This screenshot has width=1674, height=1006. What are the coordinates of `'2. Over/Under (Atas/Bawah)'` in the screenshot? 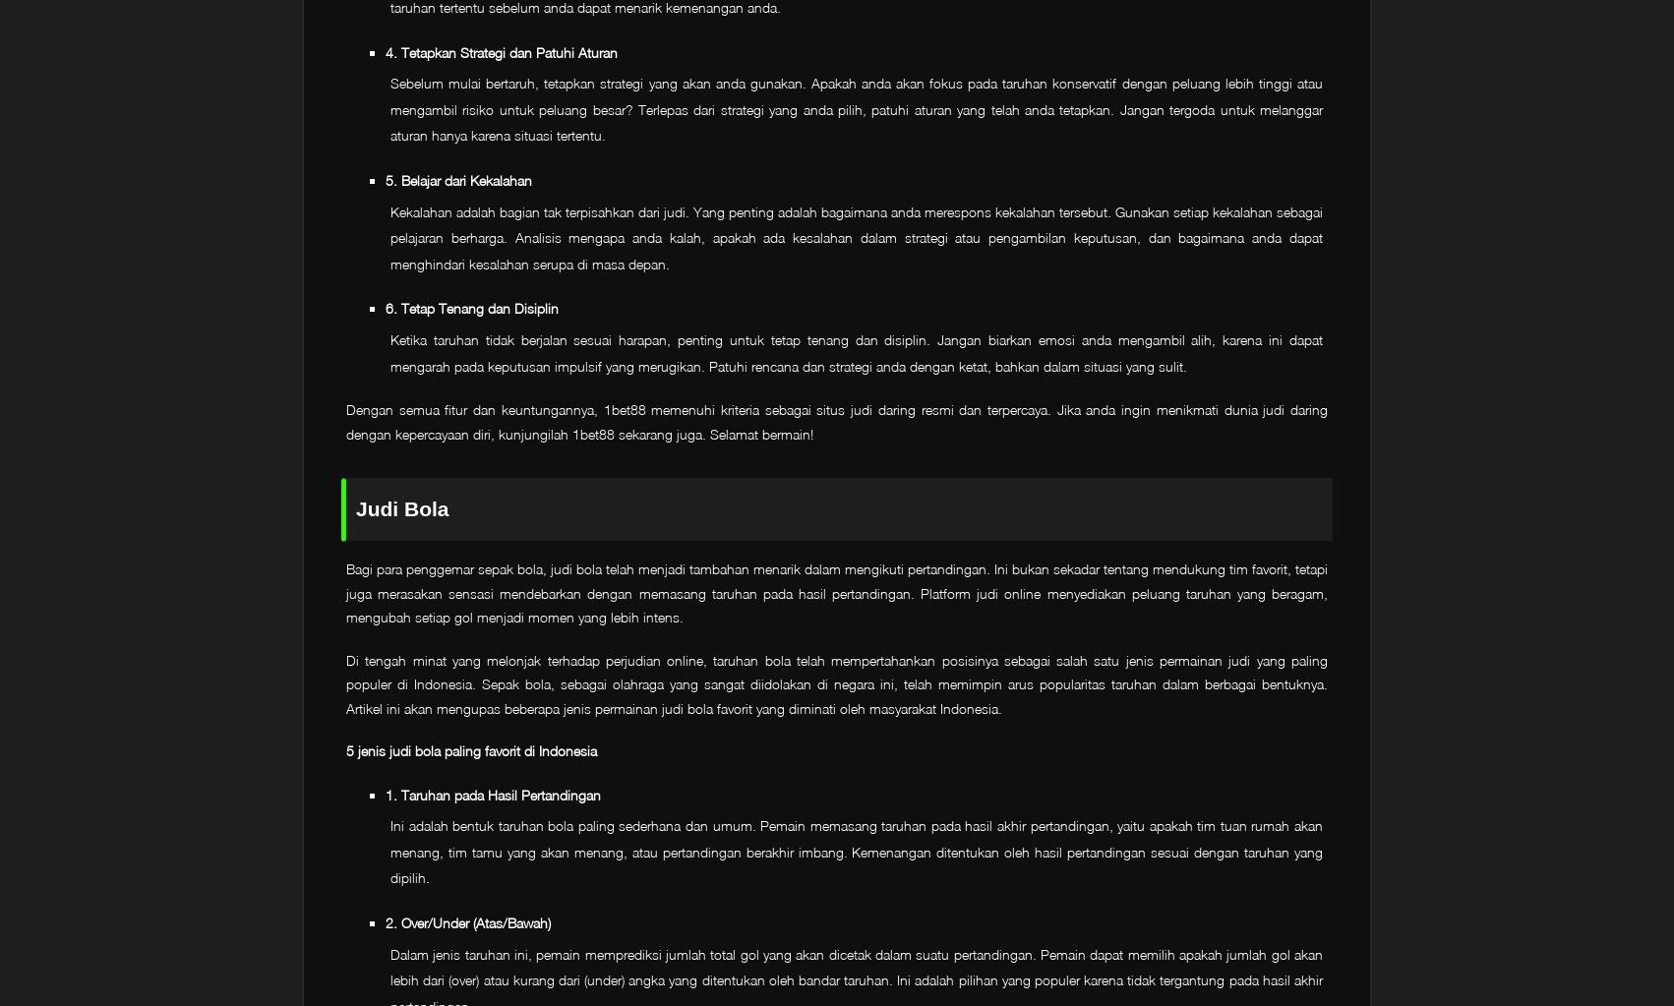 It's located at (467, 920).